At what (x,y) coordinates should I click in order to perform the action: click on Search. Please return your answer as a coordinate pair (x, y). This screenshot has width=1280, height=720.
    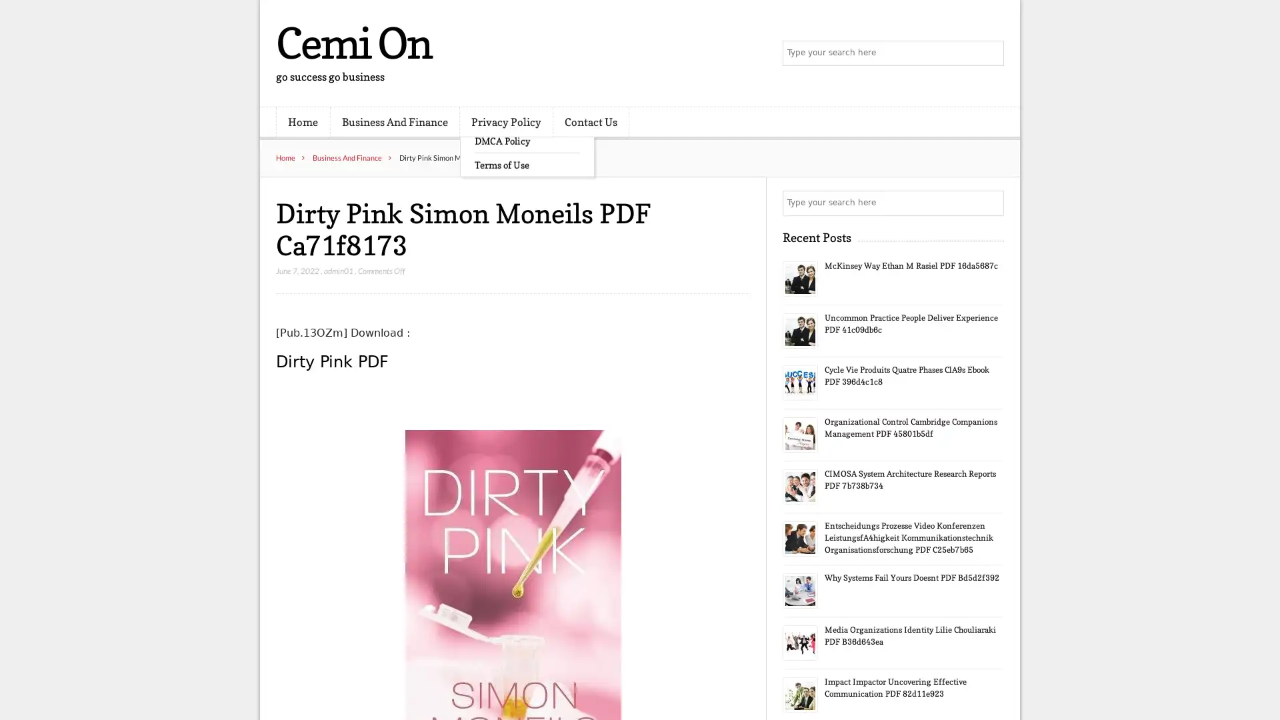
    Looking at the image, I should click on (990, 203).